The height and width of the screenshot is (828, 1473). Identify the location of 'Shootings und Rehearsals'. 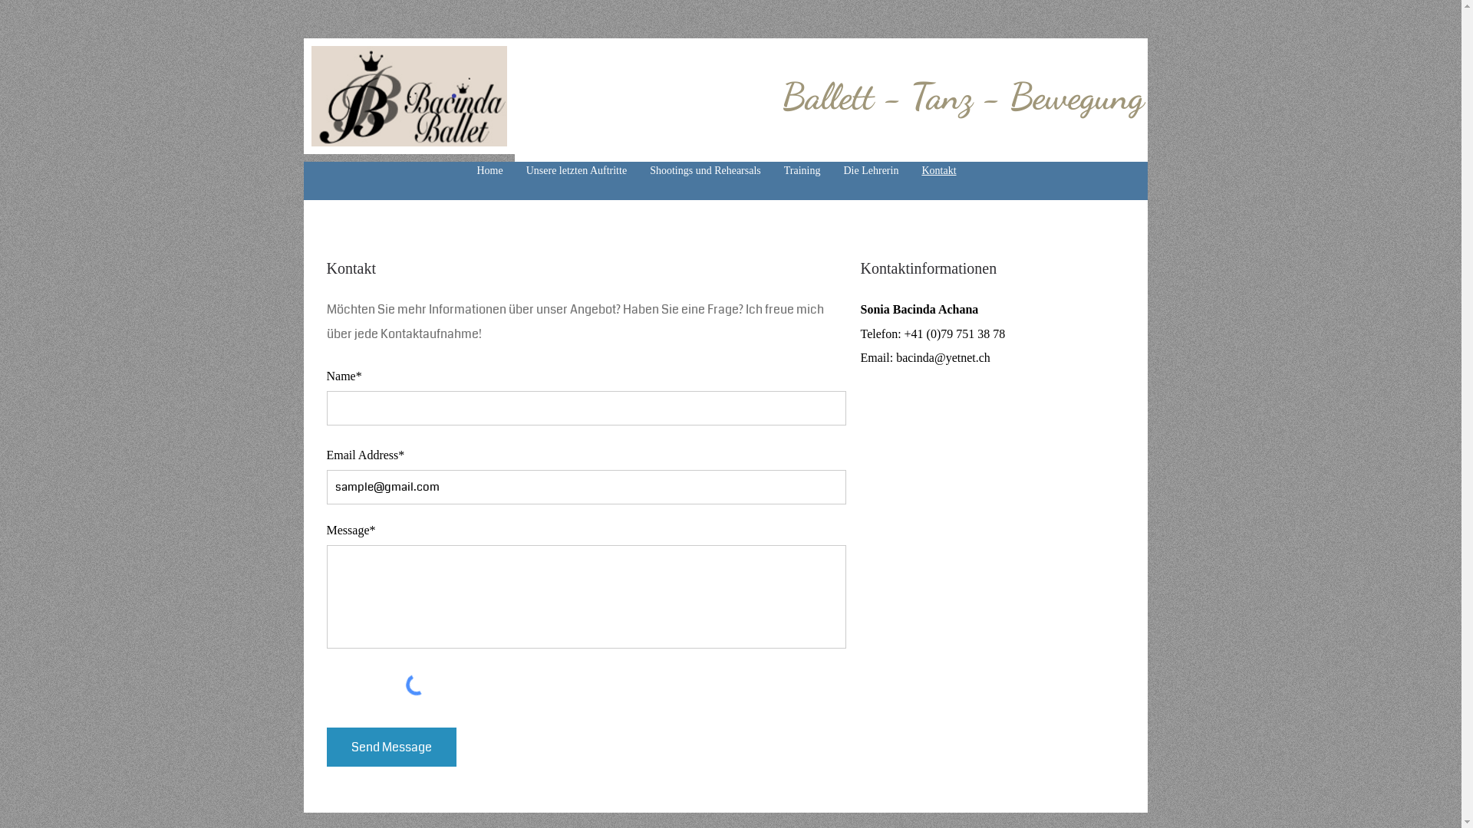
(638, 171).